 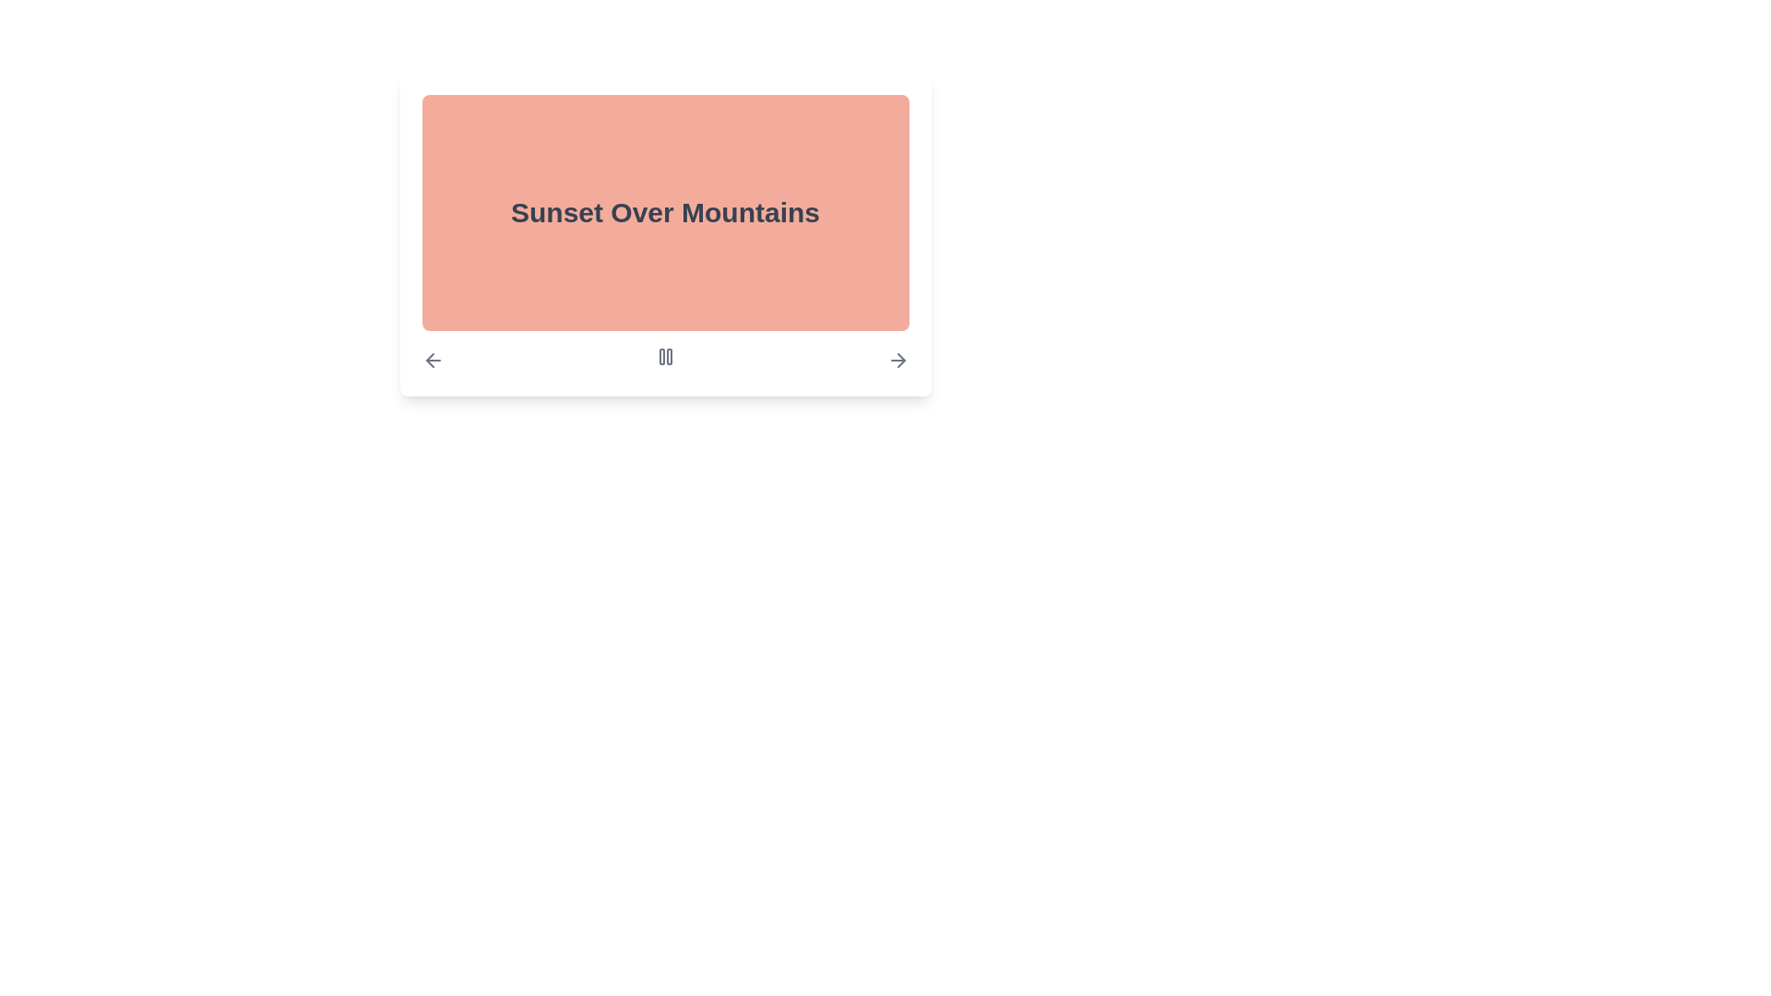 What do you see at coordinates (664, 212) in the screenshot?
I see `the bold, large text snippet 'Sunset Over Mountains' styled in dark gray on a light reddish background, located near the upper-middle region of the viewport` at bounding box center [664, 212].